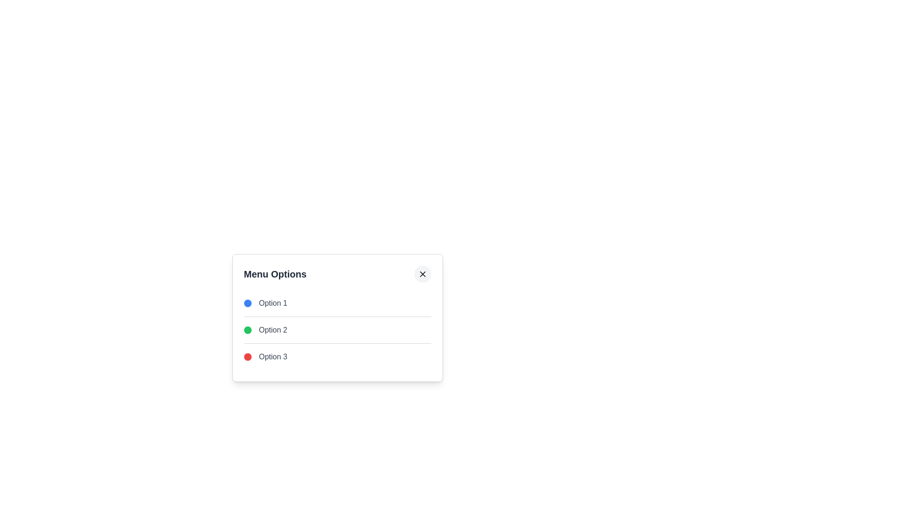 The image size is (903, 508). Describe the element at coordinates (272, 303) in the screenshot. I see `the text label 'Option 1' which is styled in gray and positioned to the right of a blue circular icon in the menu panel` at that location.